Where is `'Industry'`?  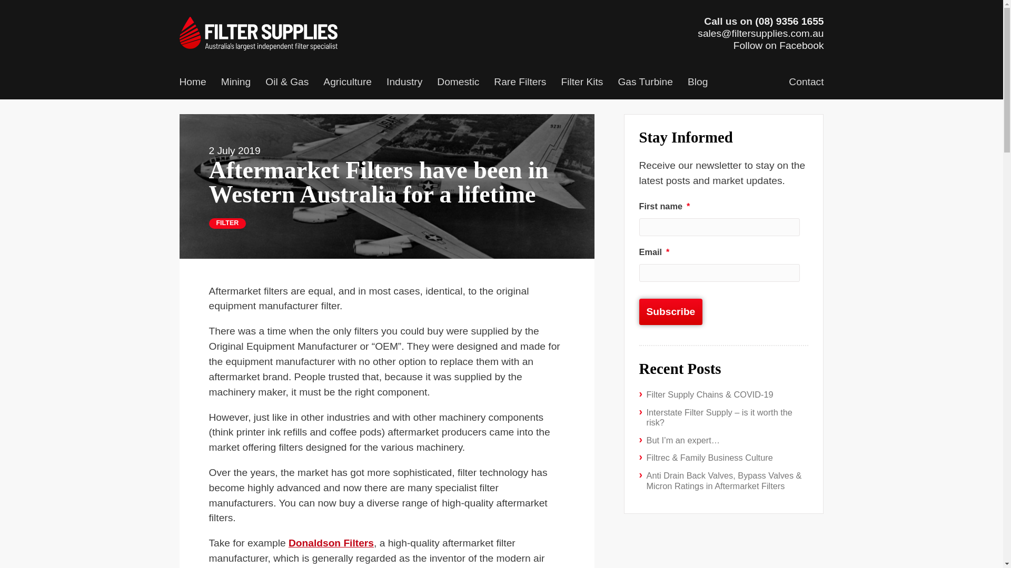
'Industry' is located at coordinates (404, 83).